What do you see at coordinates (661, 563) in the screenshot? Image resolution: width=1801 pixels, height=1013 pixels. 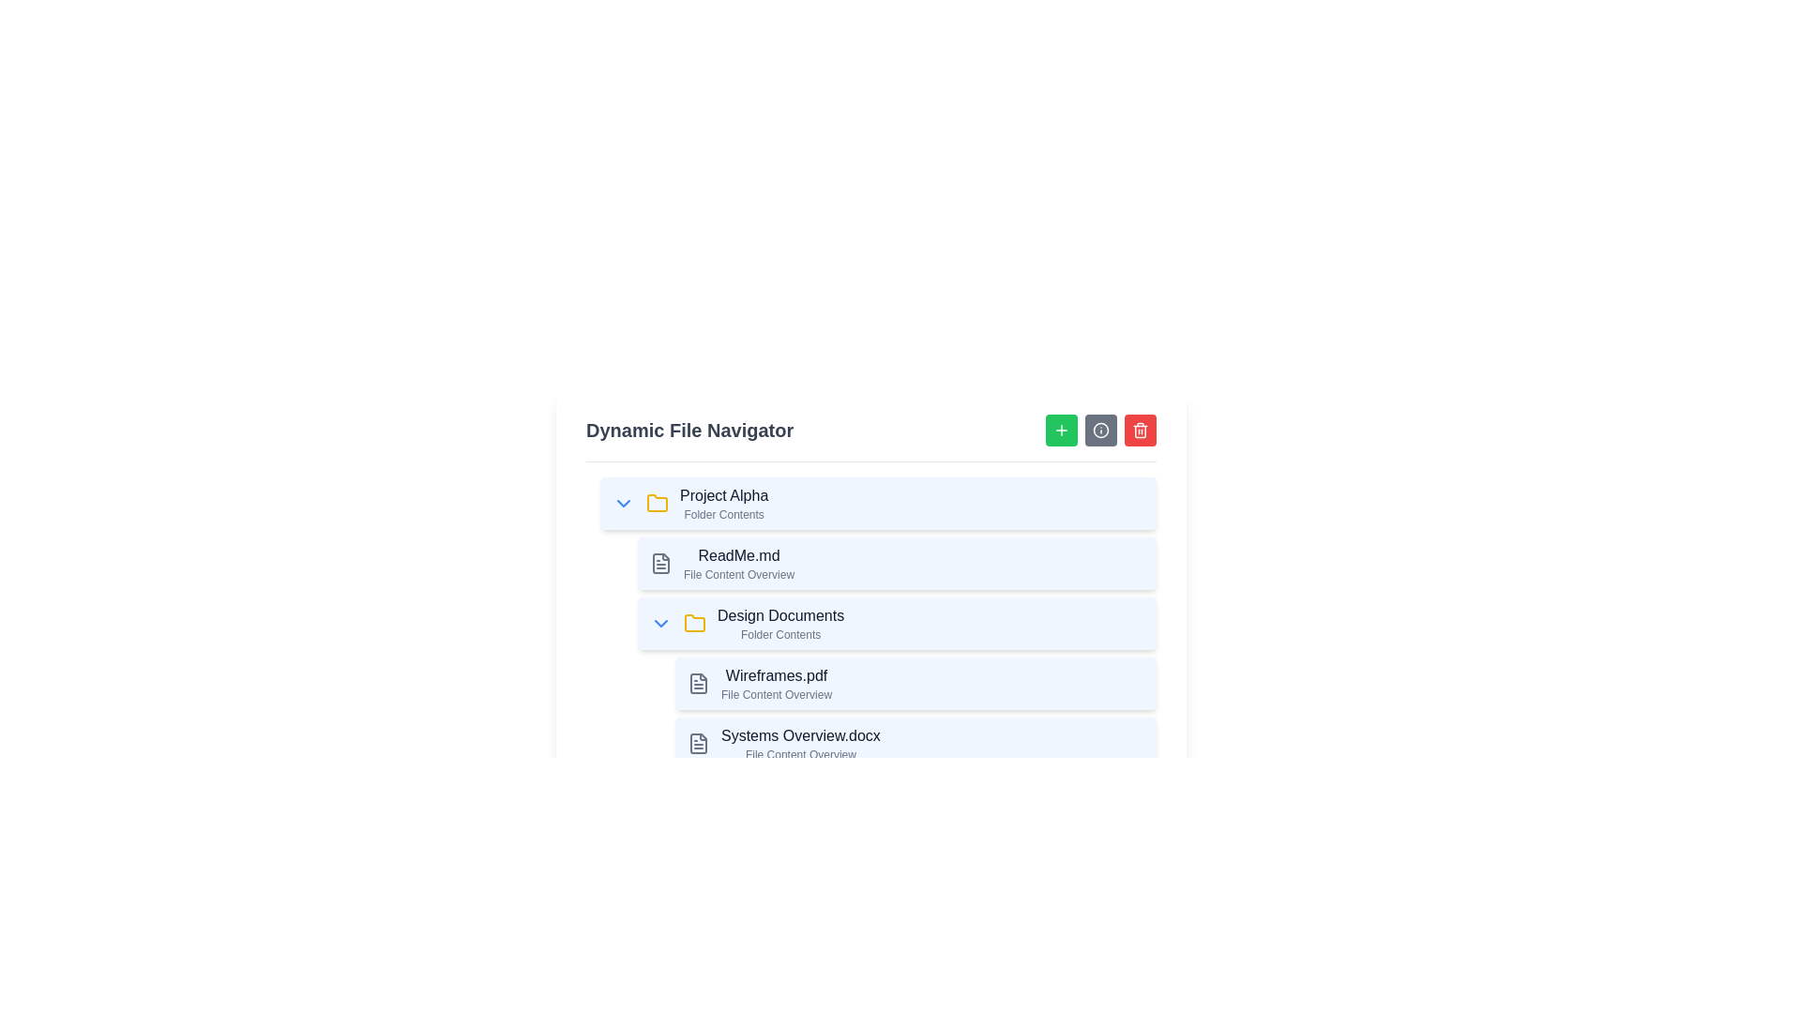 I see `the icon representing the 'ReadMe.md' file, which is a rectangular document file icon with a folded corner` at bounding box center [661, 563].